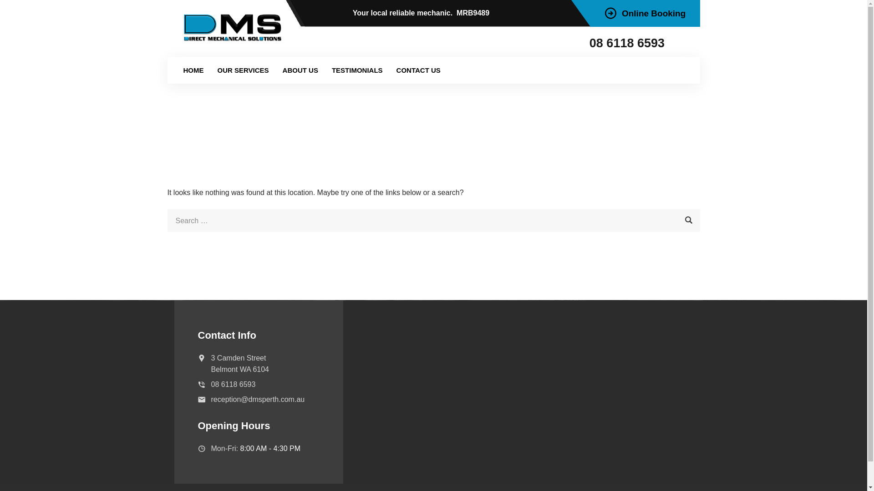 The image size is (874, 491). Describe the element at coordinates (418, 70) in the screenshot. I see `'CONTACT US'` at that location.